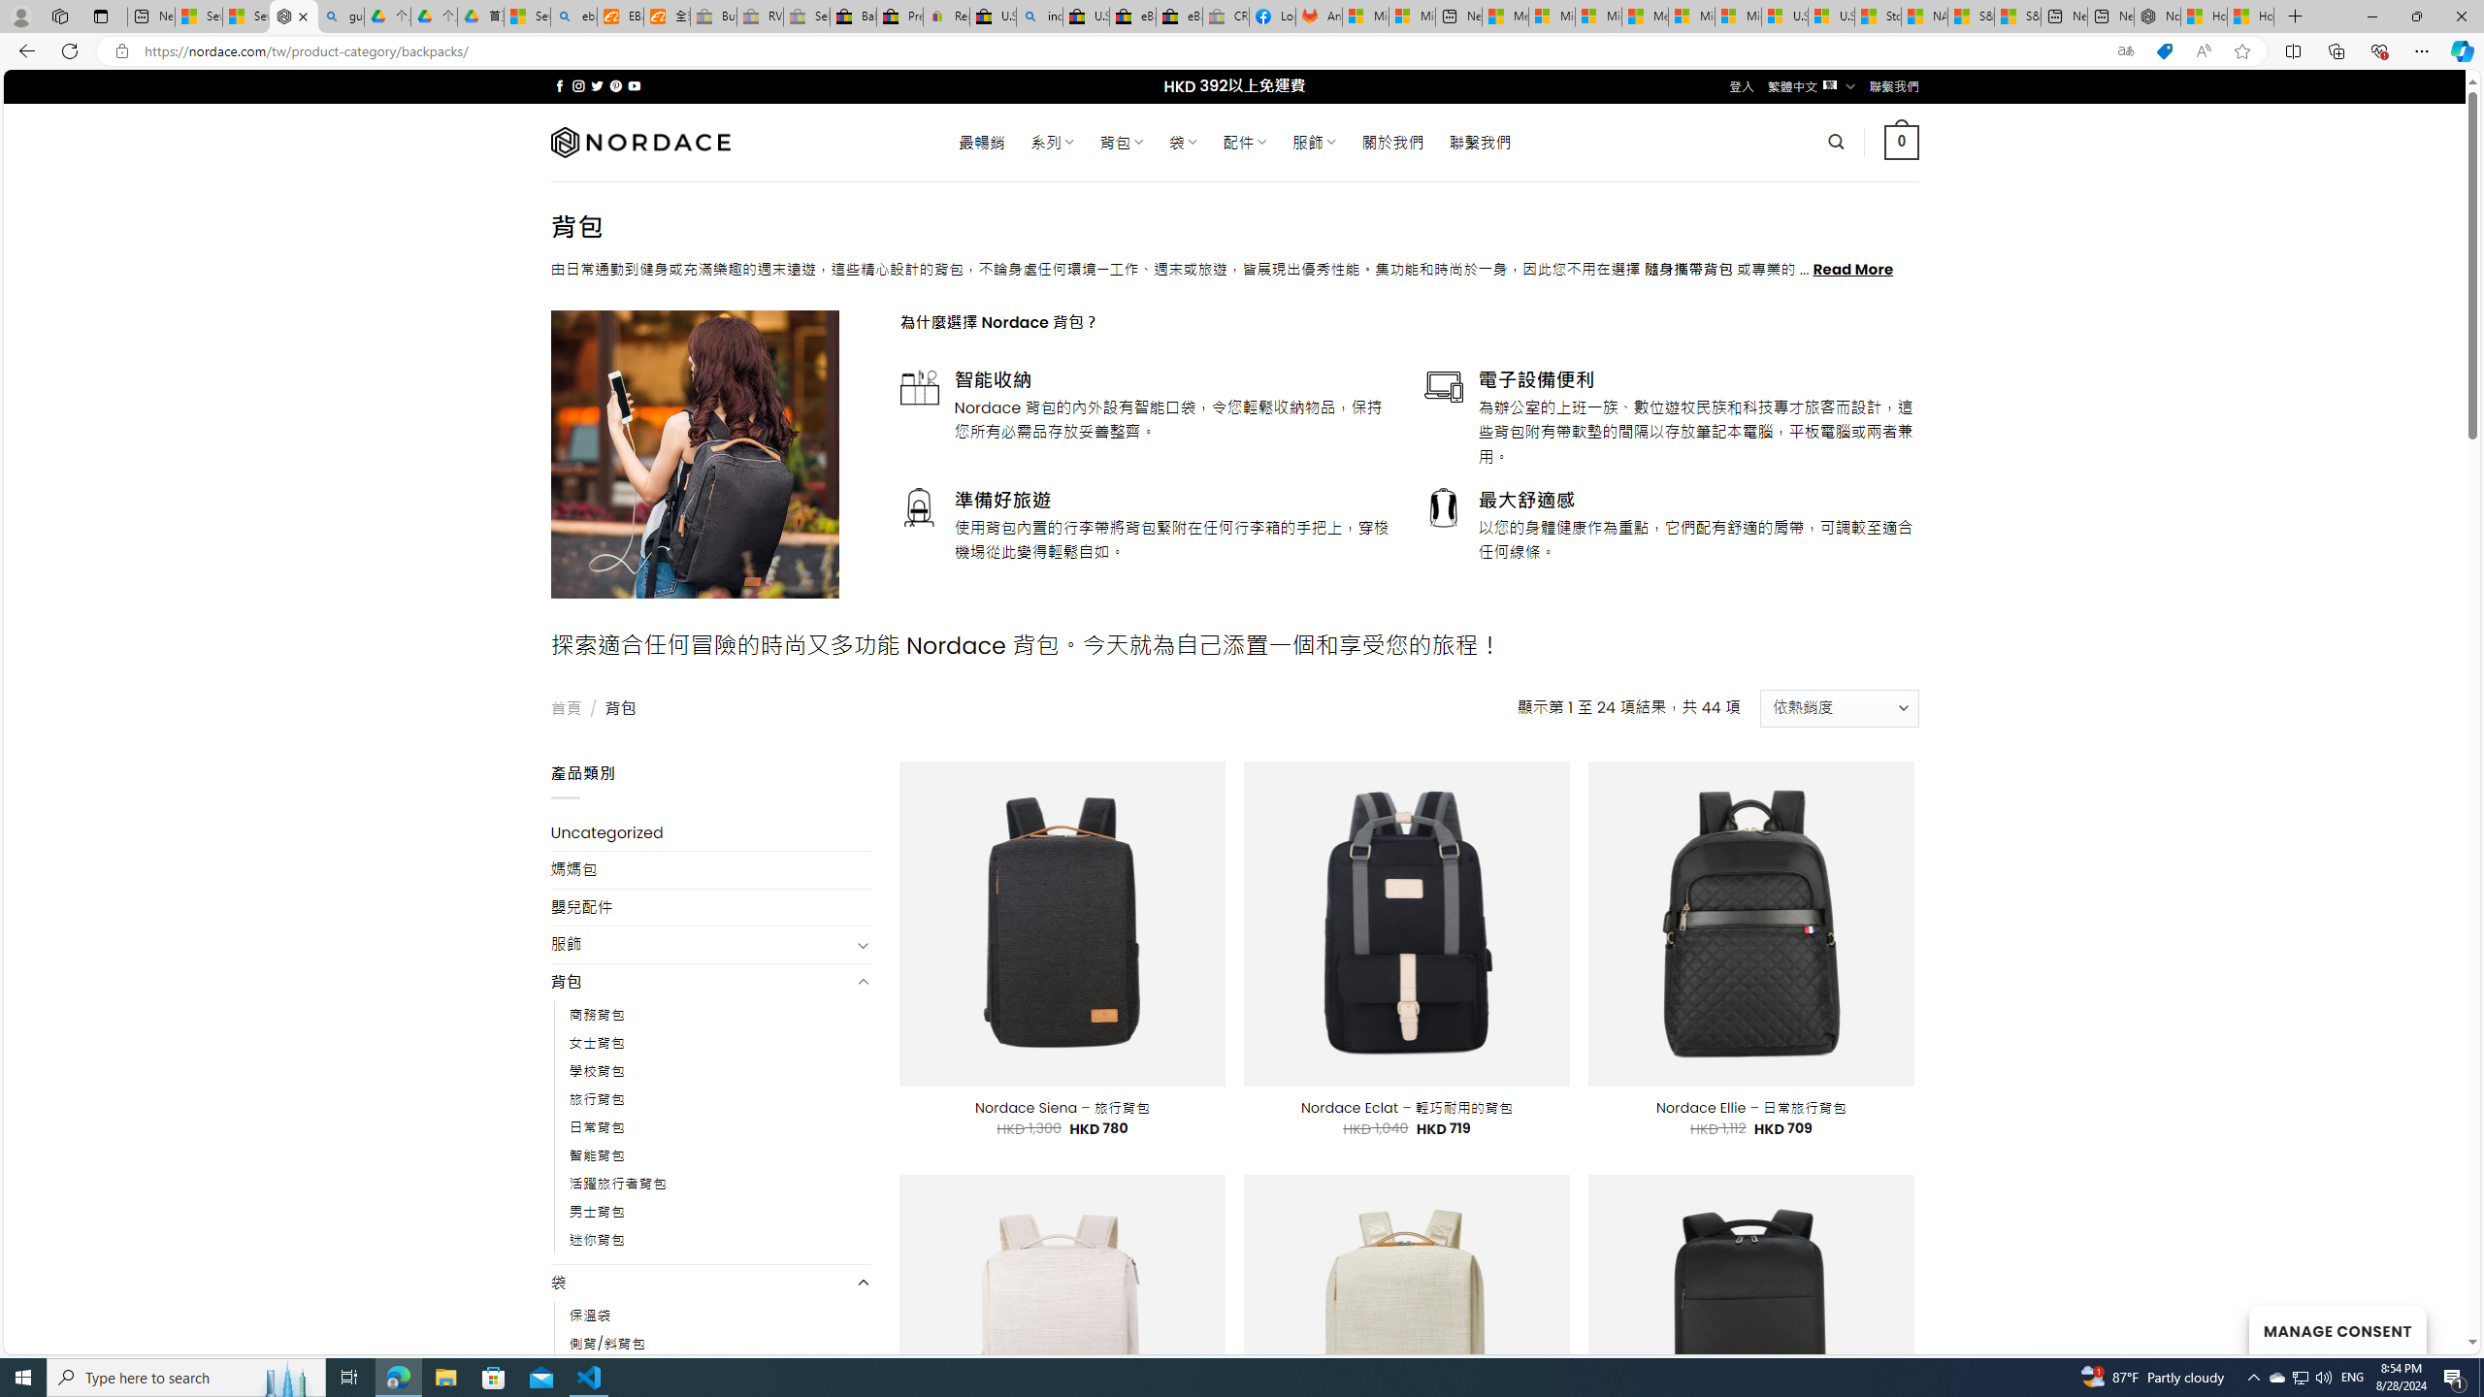 The image size is (2484, 1397). I want to click on 'S&P 500, Nasdaq end lower, weighed by Nvidia dip | Watch', so click(2017, 16).